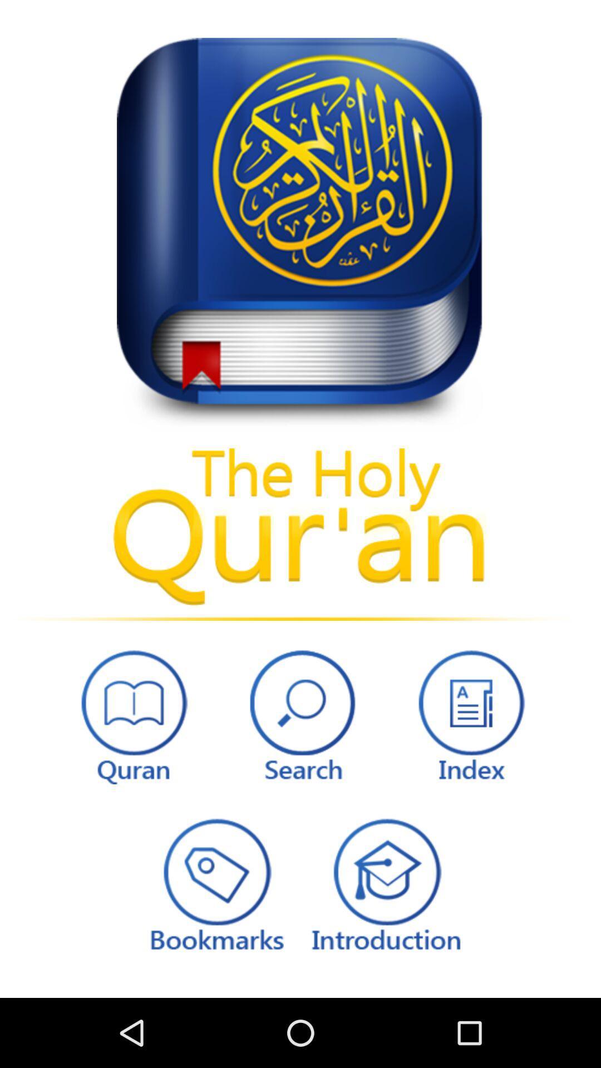 This screenshot has height=1068, width=601. What do you see at coordinates (300, 714) in the screenshot?
I see `search` at bounding box center [300, 714].